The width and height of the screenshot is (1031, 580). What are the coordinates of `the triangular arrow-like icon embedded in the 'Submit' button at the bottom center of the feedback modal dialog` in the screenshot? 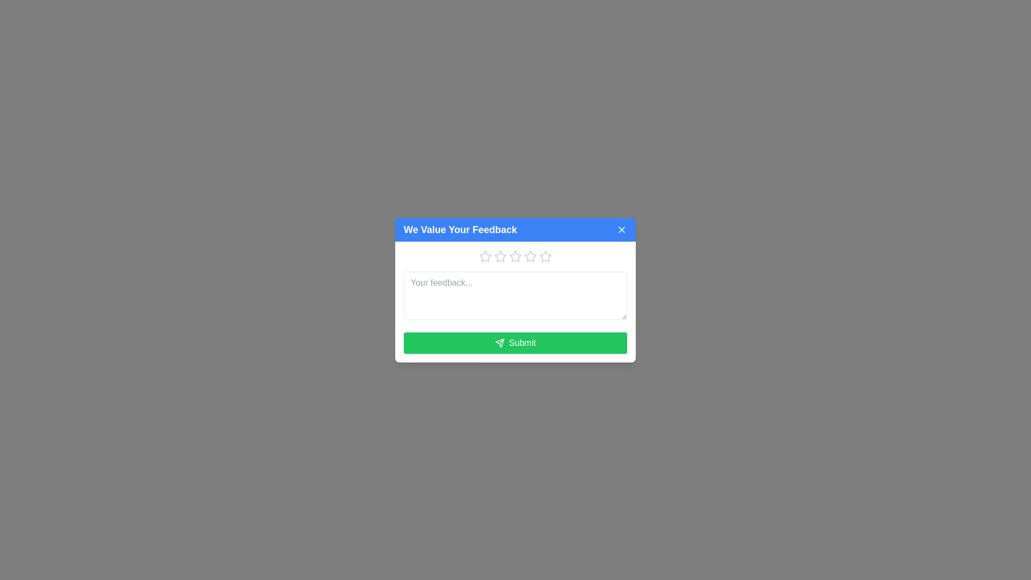 It's located at (499, 342).